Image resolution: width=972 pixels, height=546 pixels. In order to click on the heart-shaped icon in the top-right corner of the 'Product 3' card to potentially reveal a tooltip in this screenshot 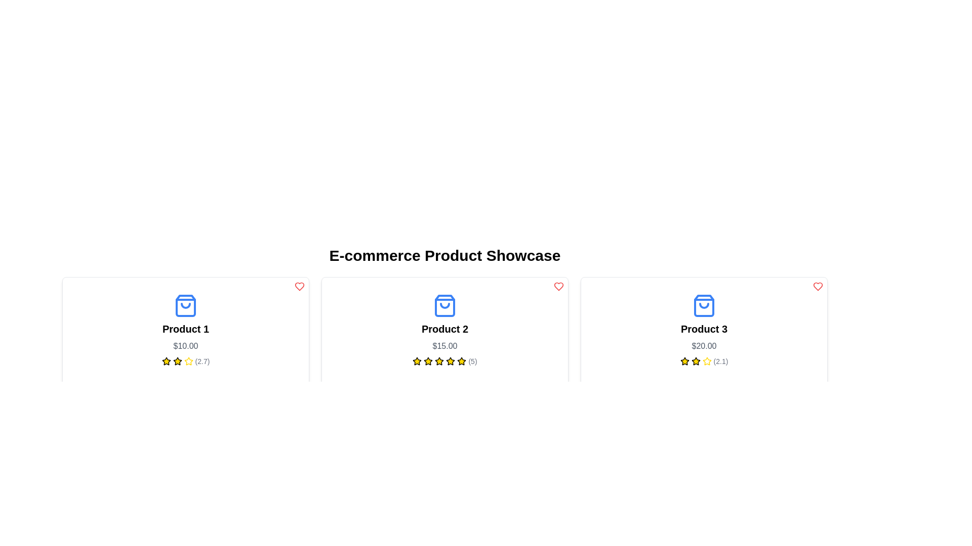, I will do `click(299, 287)`.